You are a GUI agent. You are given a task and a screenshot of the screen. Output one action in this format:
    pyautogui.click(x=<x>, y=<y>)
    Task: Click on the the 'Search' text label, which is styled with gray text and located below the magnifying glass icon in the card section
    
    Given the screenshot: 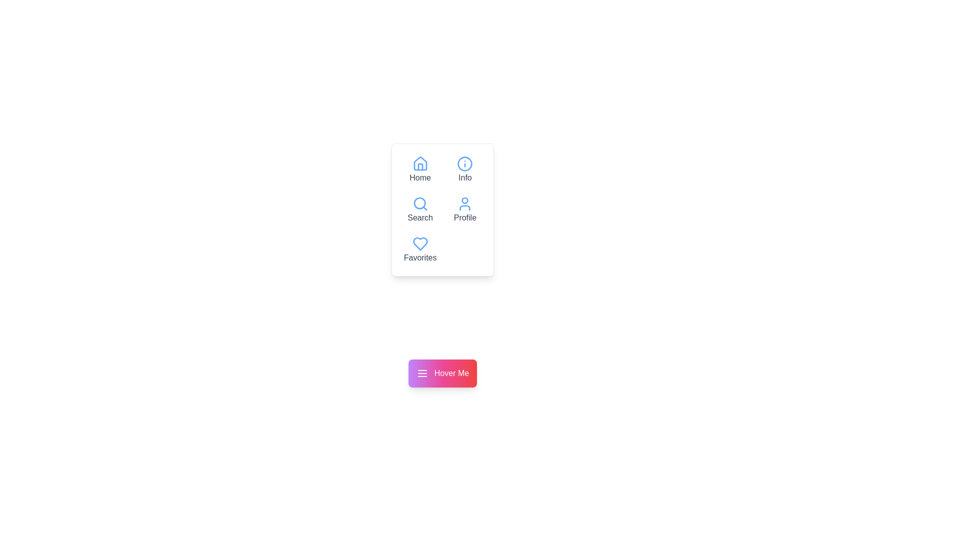 What is the action you would take?
    pyautogui.click(x=420, y=217)
    